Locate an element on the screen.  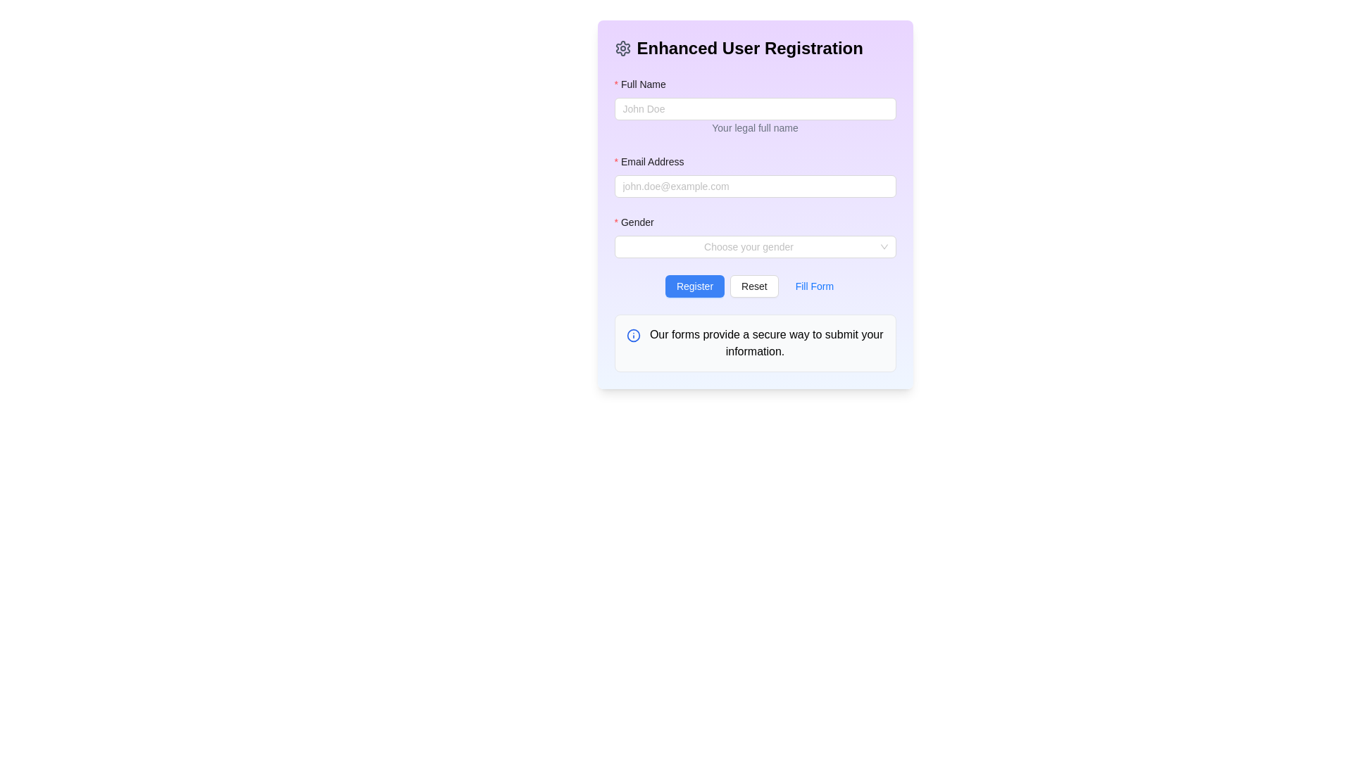
the static text header element located at the top of its containing panel, which serves as the title for the form below is located at coordinates (754, 48).